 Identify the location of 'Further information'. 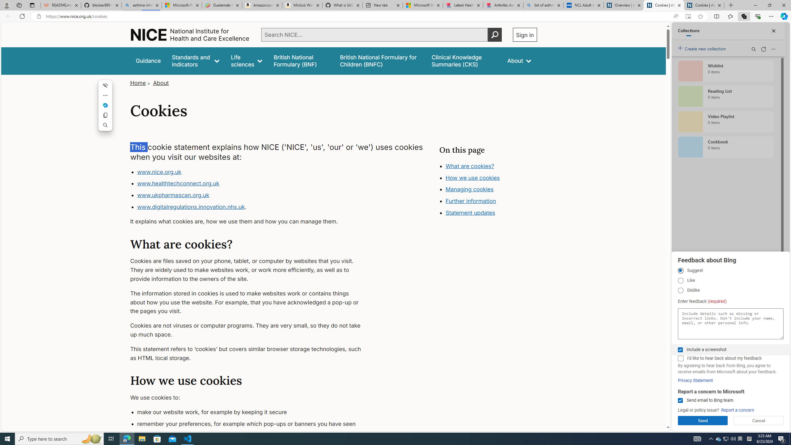
(470, 201).